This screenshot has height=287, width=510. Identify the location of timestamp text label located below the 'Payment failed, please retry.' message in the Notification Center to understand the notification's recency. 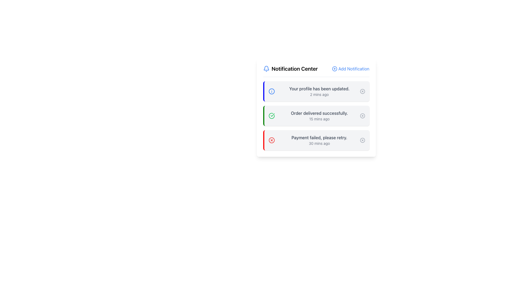
(319, 143).